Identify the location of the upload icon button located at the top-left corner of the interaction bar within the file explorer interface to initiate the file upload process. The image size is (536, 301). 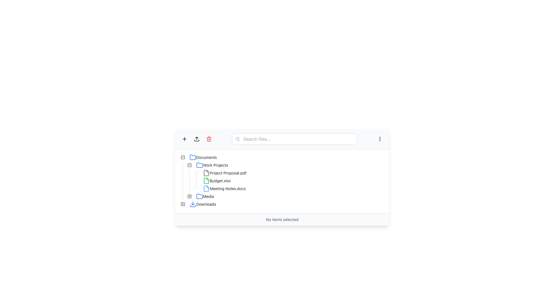
(197, 139).